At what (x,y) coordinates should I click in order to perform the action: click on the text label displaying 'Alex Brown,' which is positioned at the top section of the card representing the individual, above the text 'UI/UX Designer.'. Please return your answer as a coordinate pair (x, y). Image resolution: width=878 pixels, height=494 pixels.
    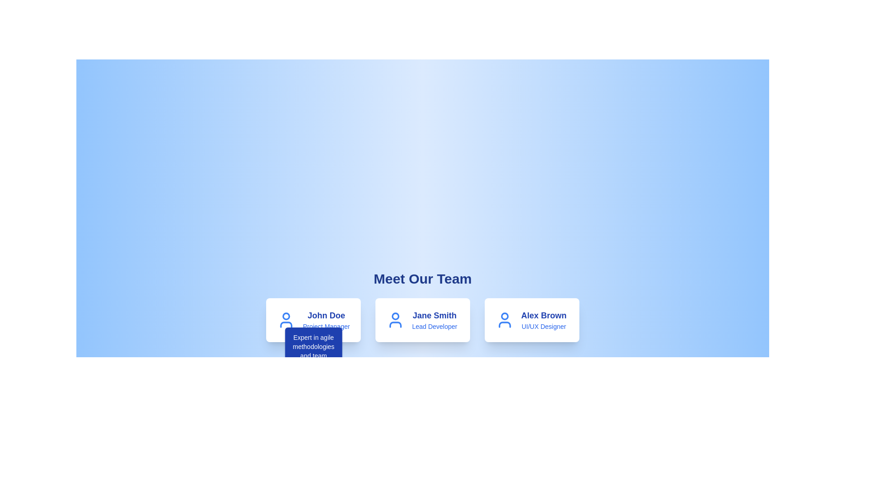
    Looking at the image, I should click on (544, 315).